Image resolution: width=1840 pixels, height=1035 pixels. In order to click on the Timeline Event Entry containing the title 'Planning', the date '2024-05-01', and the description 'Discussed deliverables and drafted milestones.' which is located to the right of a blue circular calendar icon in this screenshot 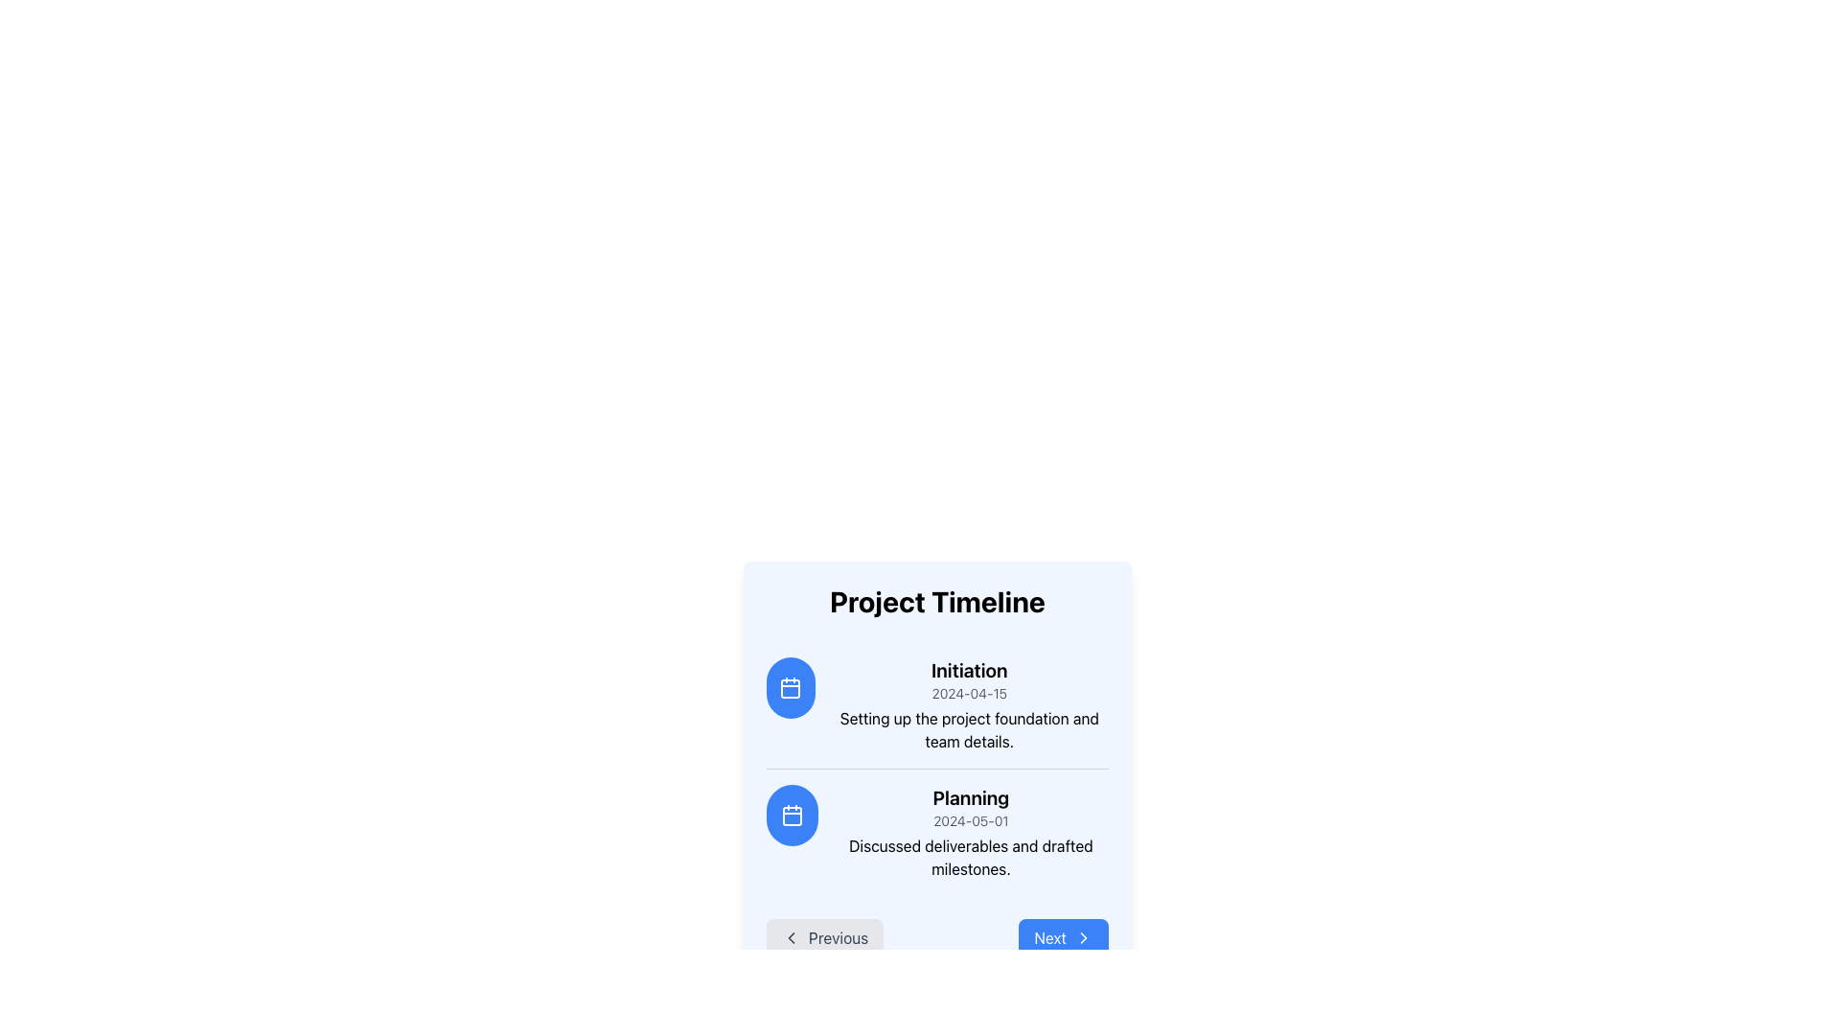, I will do `click(971, 831)`.